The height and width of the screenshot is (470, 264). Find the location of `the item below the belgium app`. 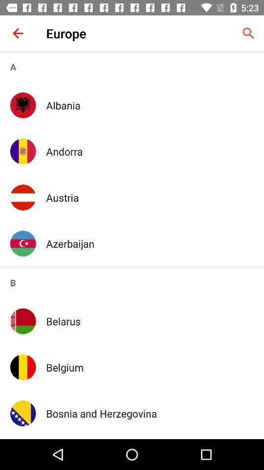

the item below the belgium app is located at coordinates (150, 413).